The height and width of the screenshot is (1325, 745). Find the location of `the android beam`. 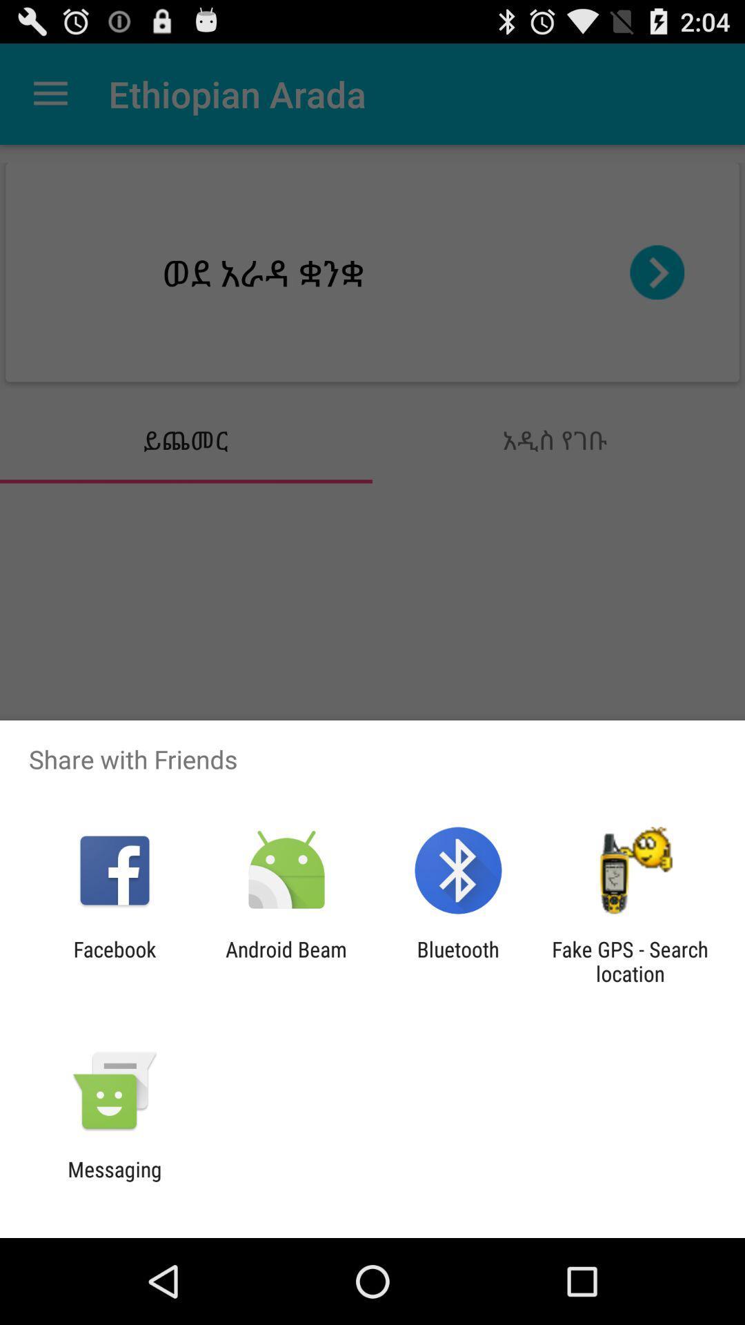

the android beam is located at coordinates (286, 961).